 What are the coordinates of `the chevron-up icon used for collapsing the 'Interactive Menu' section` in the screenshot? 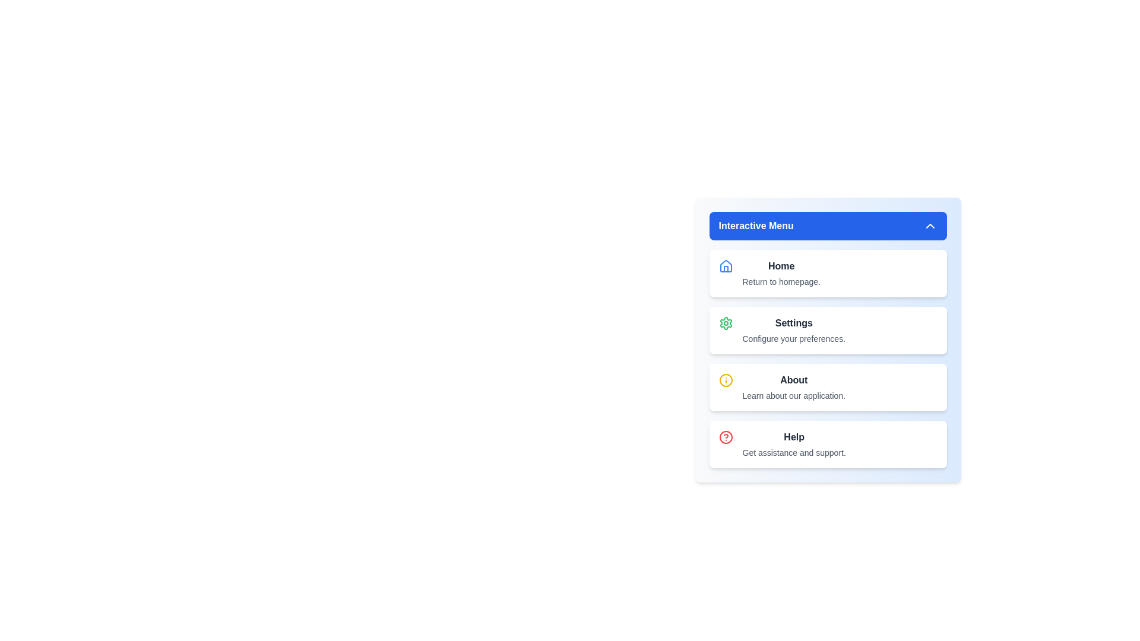 It's located at (929, 226).